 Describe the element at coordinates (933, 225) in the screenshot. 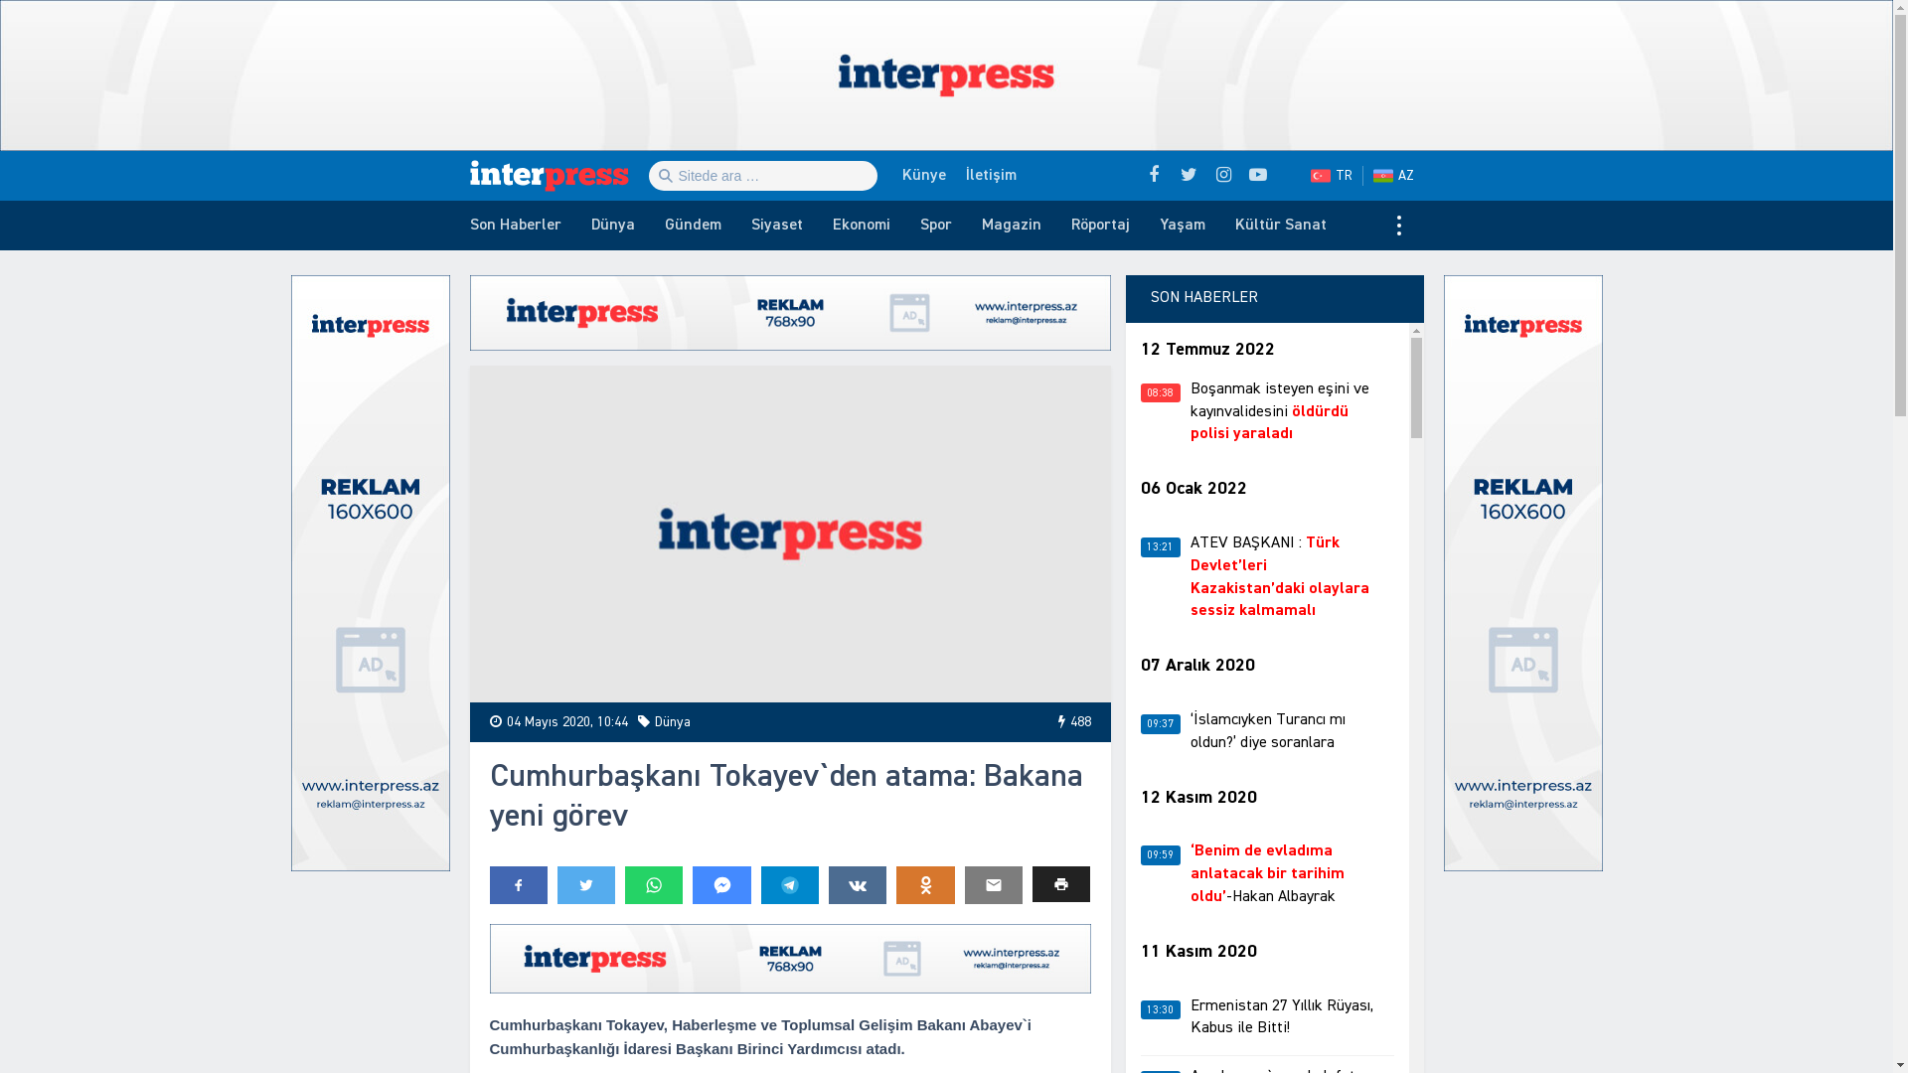

I see `'Spor'` at that location.